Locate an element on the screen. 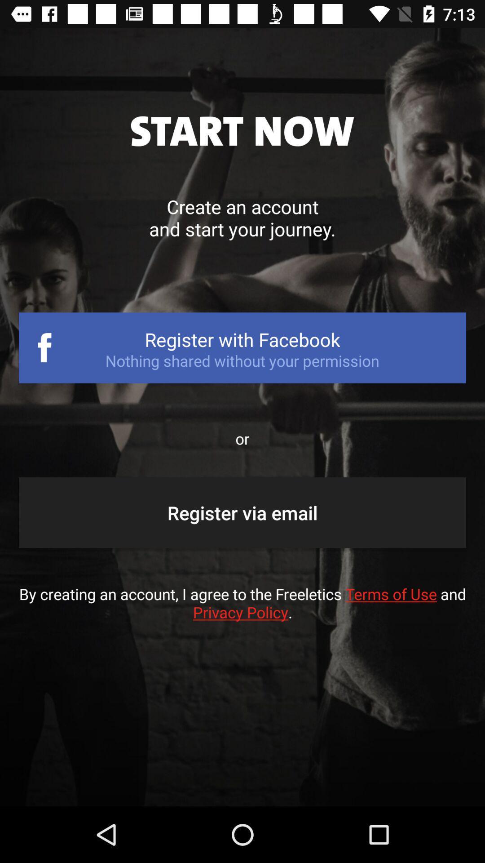 The width and height of the screenshot is (485, 863). register via email item is located at coordinates (242, 512).